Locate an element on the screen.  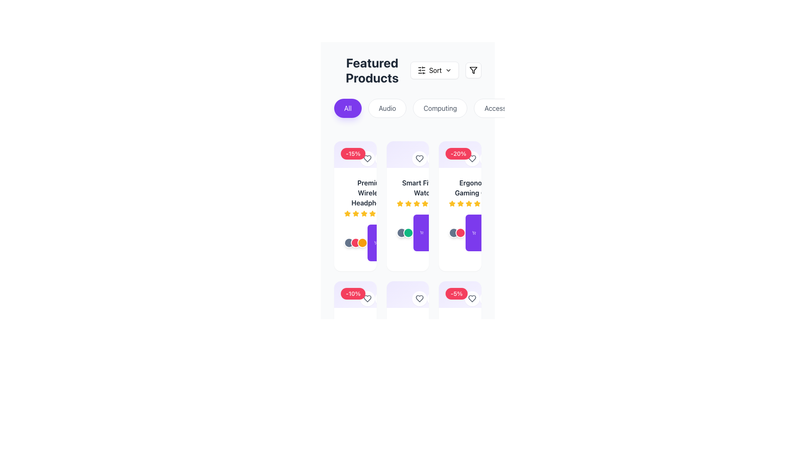
the leftmost circular button in the top-right corner of the product card to mark the product as favorite is located at coordinates (420, 159).